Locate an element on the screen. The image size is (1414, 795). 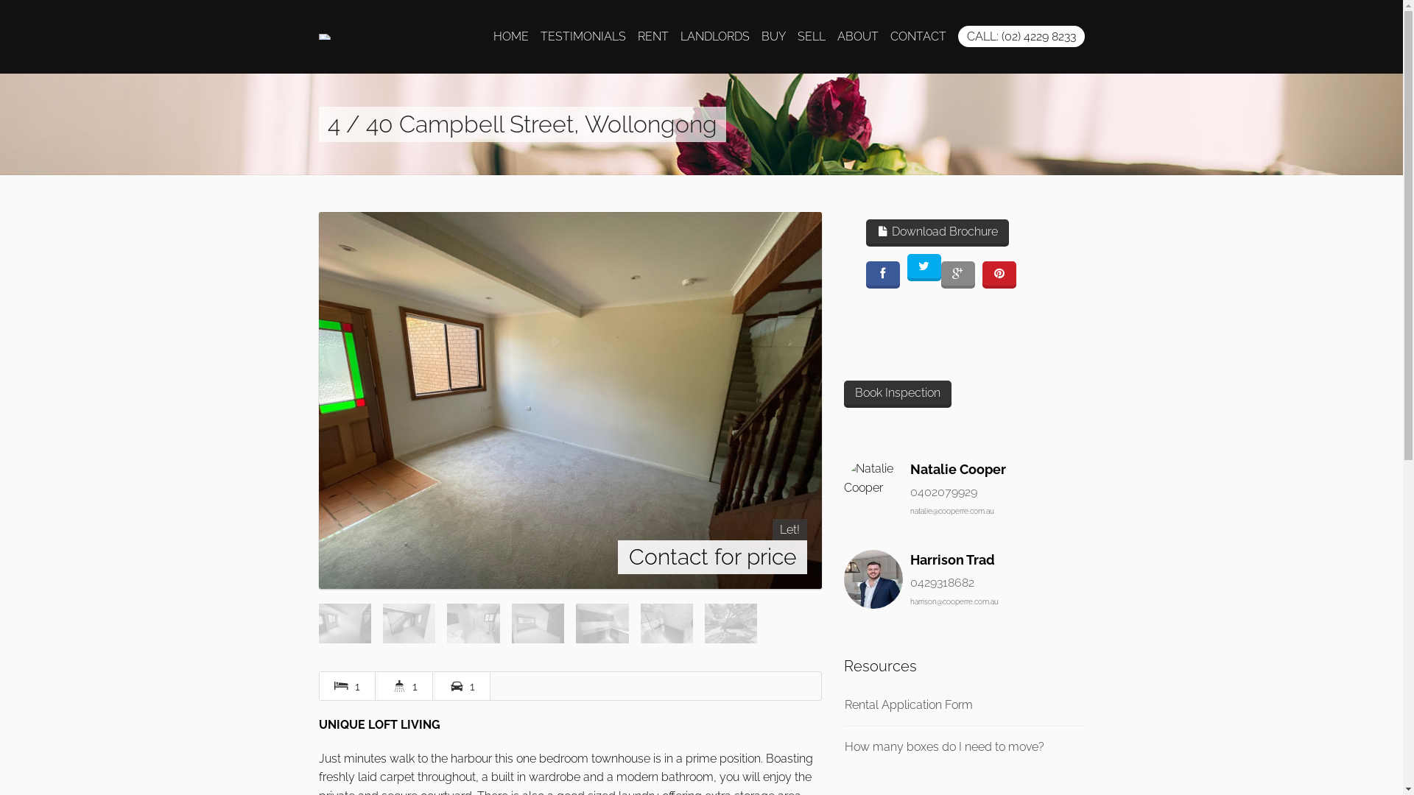
'SELL' is located at coordinates (809, 36).